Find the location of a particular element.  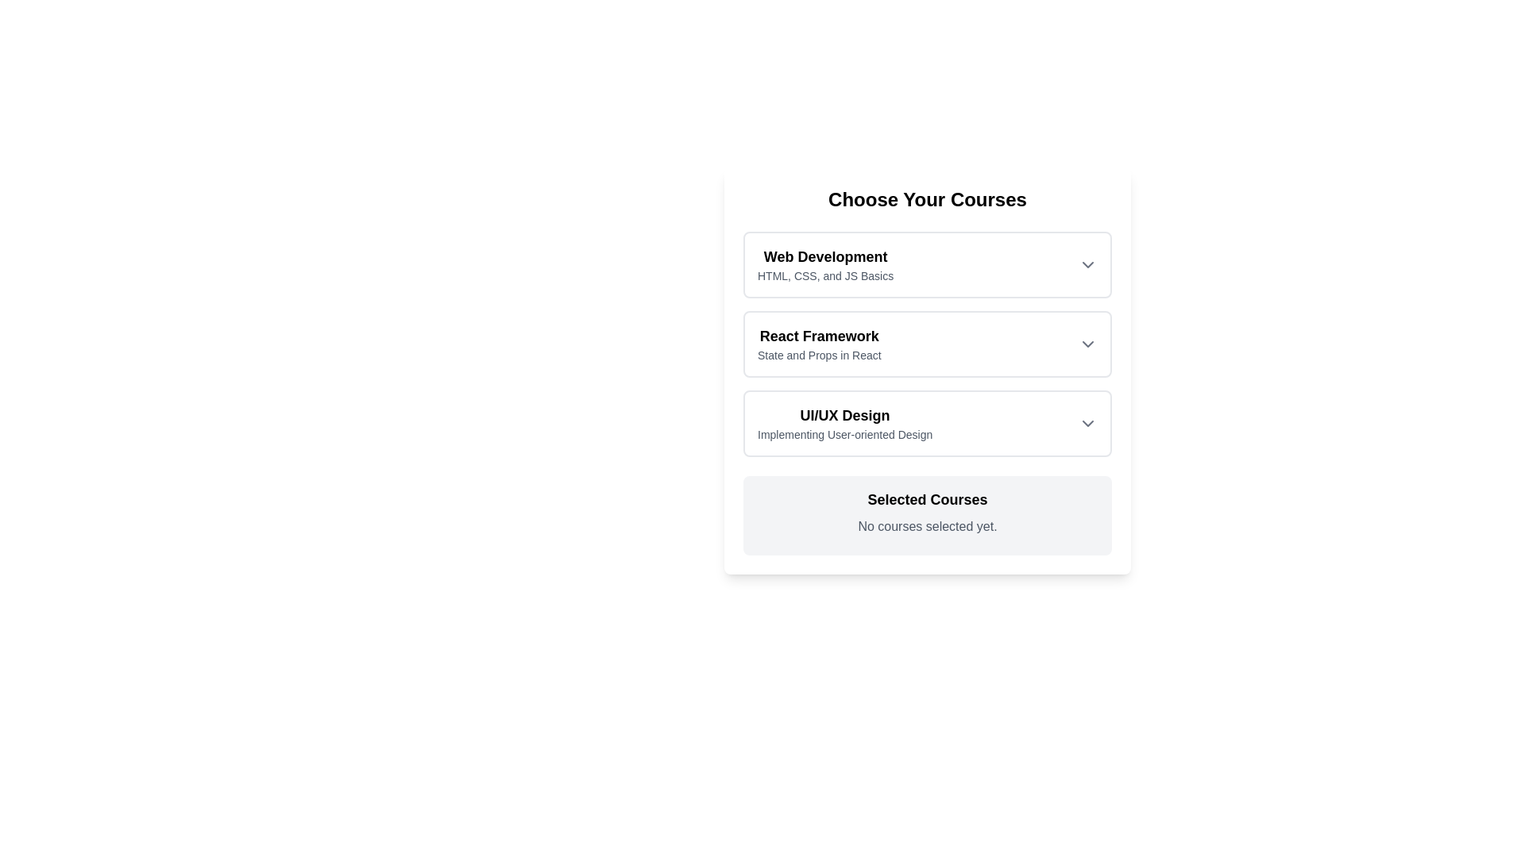

the list item displaying information about the 'React Framework' course is located at coordinates (927, 344).